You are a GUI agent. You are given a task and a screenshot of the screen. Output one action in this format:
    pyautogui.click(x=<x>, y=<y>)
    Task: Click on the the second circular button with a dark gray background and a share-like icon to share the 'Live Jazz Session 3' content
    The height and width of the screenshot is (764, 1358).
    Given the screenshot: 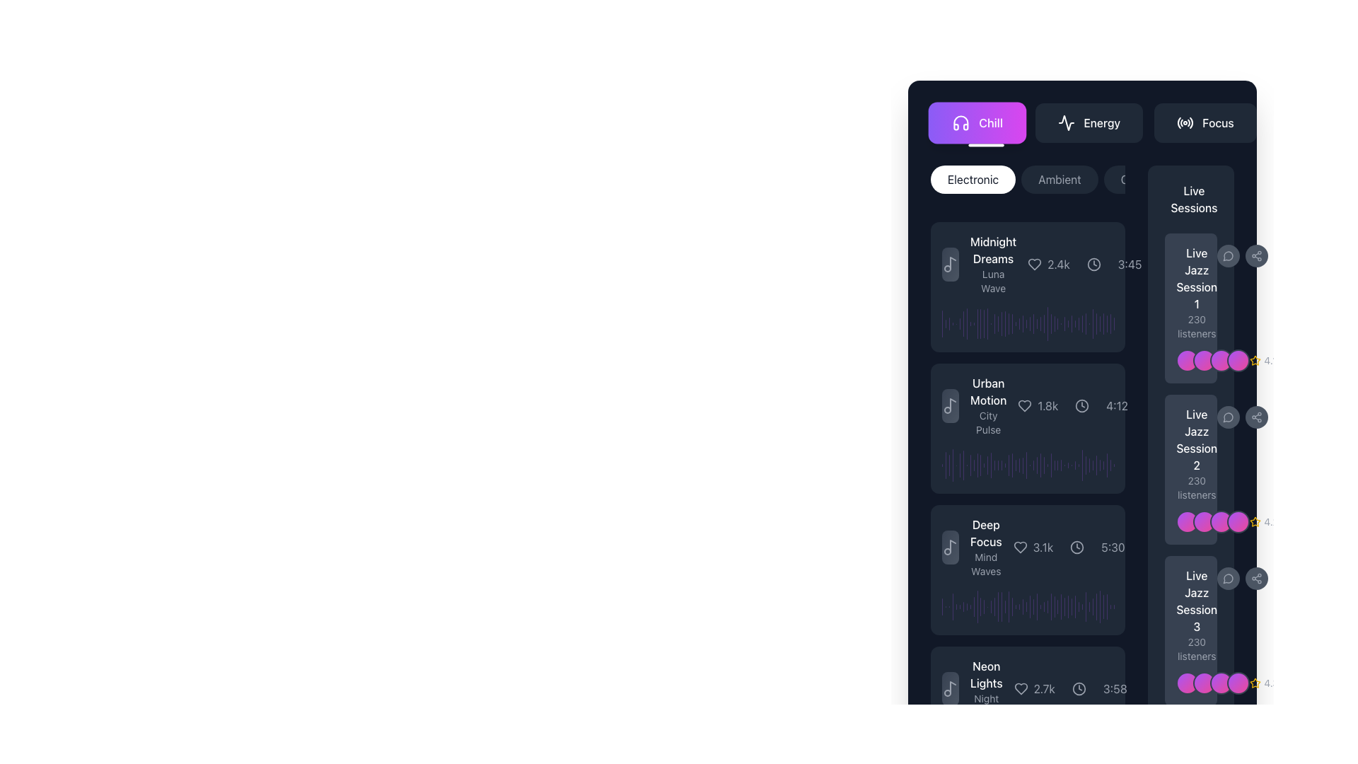 What is the action you would take?
    pyautogui.click(x=1257, y=578)
    